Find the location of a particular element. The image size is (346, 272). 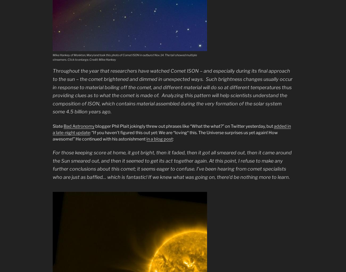

'For those keeping score at home, it got bright, then it faded, then it got all smeared out, then it came around the Sun smeared out, and then it seemed to get its act together again. At this point, I refuse to make any further conclusions about this comet; it seems eager to confuse. I’ve been hearing from comet specialists who are just as baffled… which is fantastic! If we knew what was going on, there’d be nothing more to learn.' is located at coordinates (172, 164).